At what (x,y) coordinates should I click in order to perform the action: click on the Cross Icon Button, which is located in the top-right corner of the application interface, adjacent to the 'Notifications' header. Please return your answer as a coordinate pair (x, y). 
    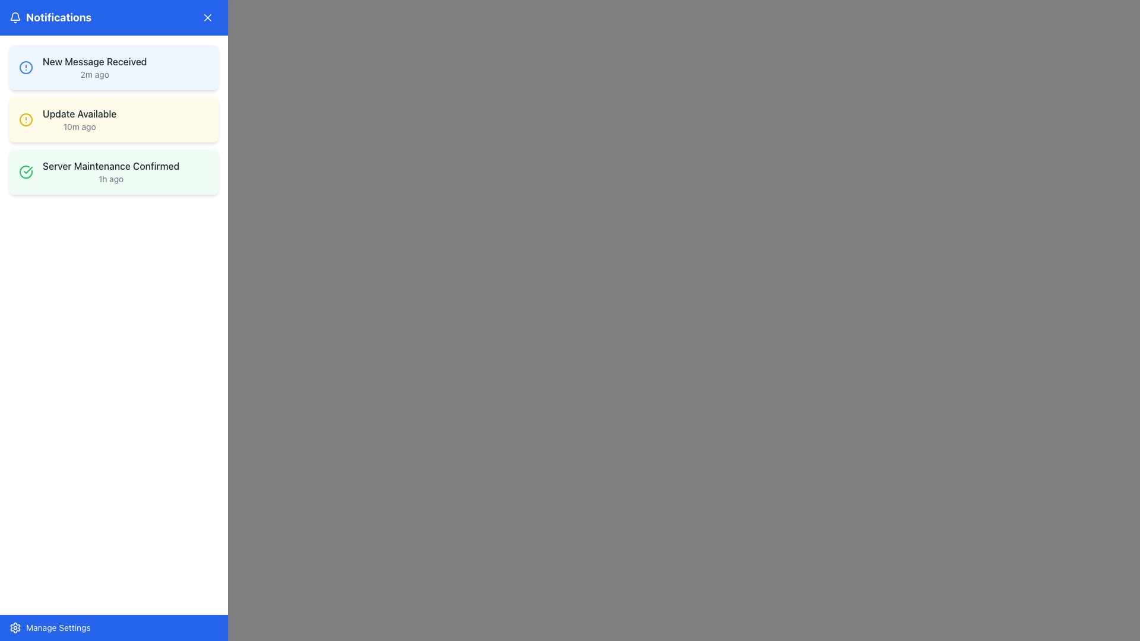
    Looking at the image, I should click on (208, 18).